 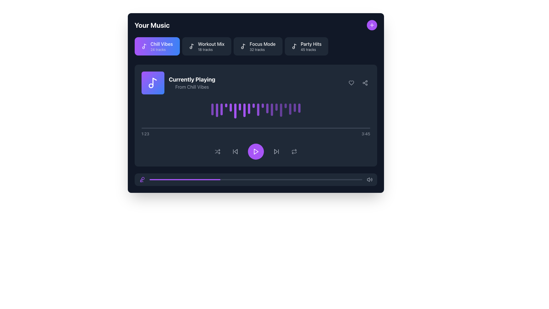 I want to click on the animation of the 14th vertical waveform bar, which is a solid purple rectangular bar with rounded corners, located in the 'Currently Playing' section, so click(x=271, y=110).